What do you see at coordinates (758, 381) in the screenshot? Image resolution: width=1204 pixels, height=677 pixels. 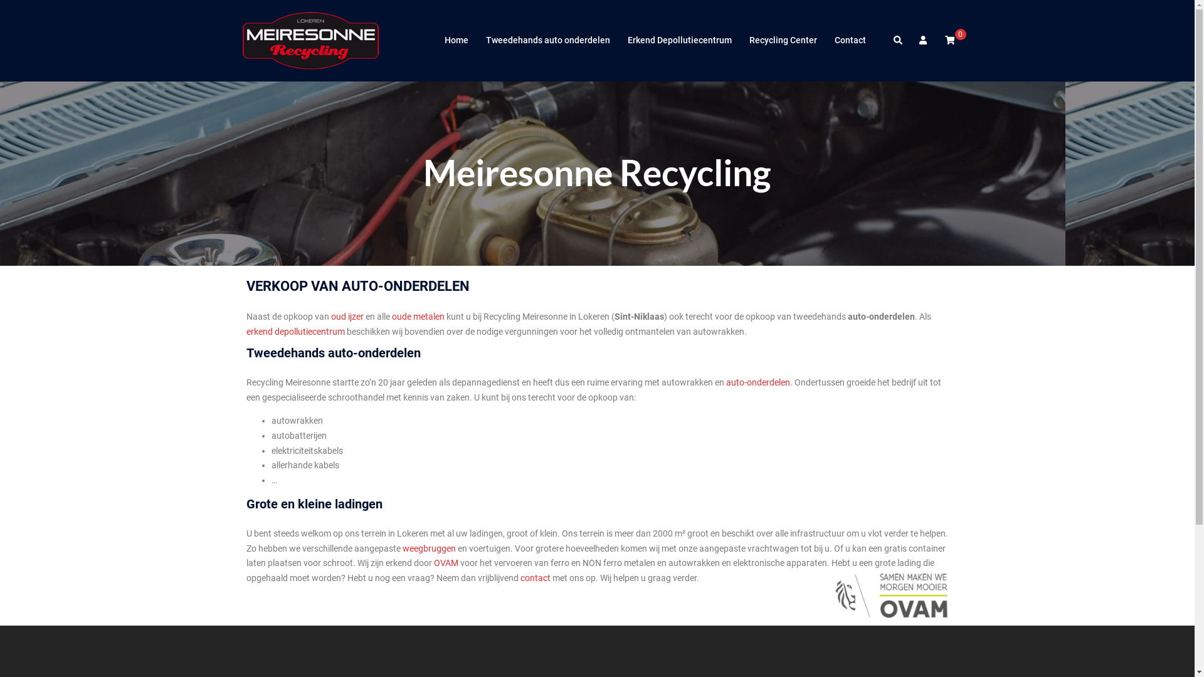 I see `'auto-onderdelen.'` at bounding box center [758, 381].